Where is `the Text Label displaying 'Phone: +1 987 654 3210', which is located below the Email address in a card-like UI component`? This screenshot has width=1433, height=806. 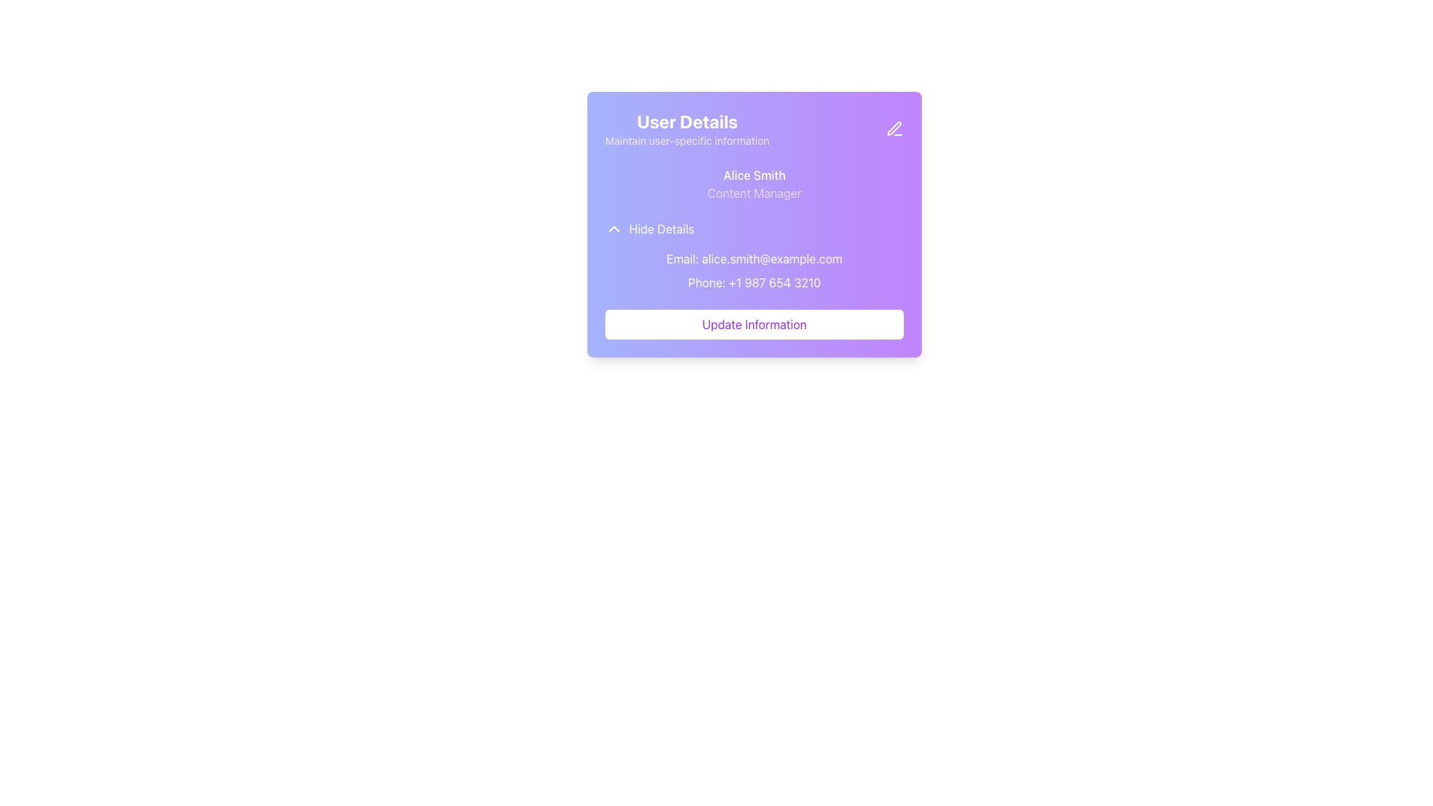 the Text Label displaying 'Phone: +1 987 654 3210', which is located below the Email address in a card-like UI component is located at coordinates (755, 282).